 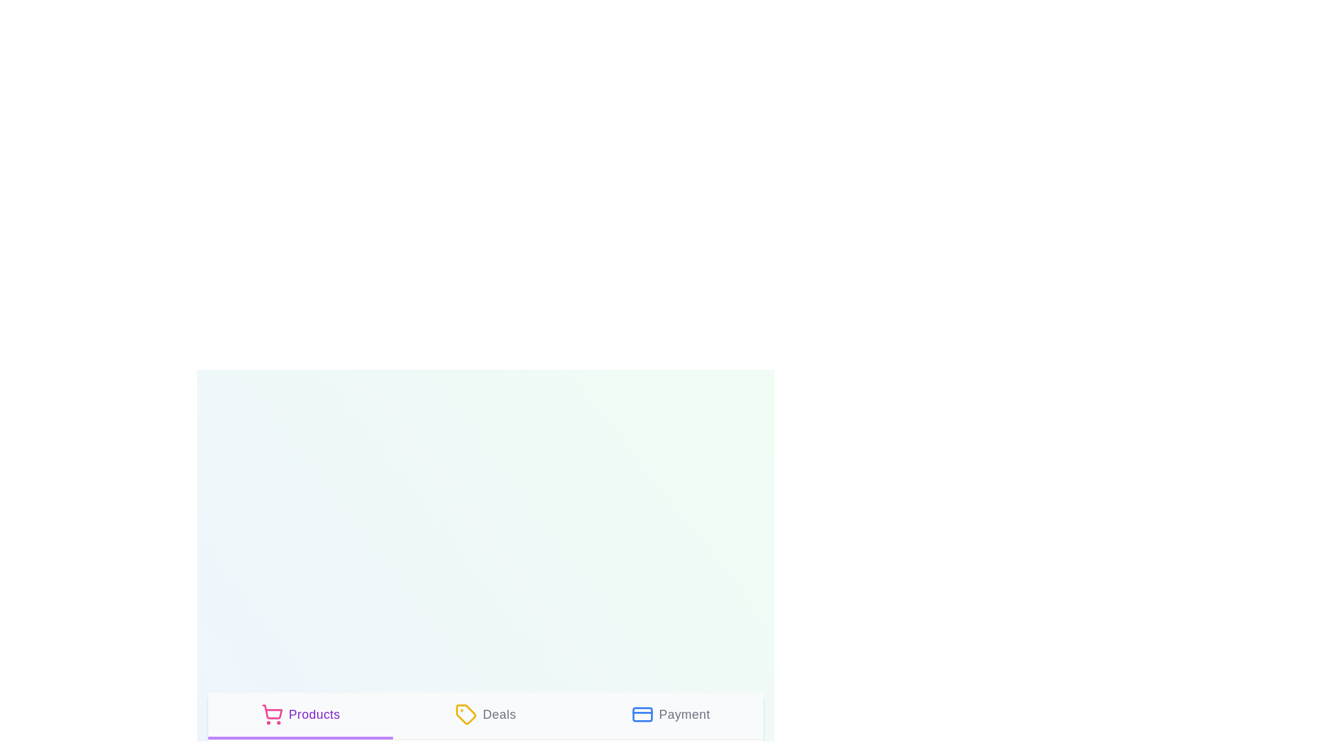 What do you see at coordinates (300, 715) in the screenshot?
I see `the tab labeled Products` at bounding box center [300, 715].